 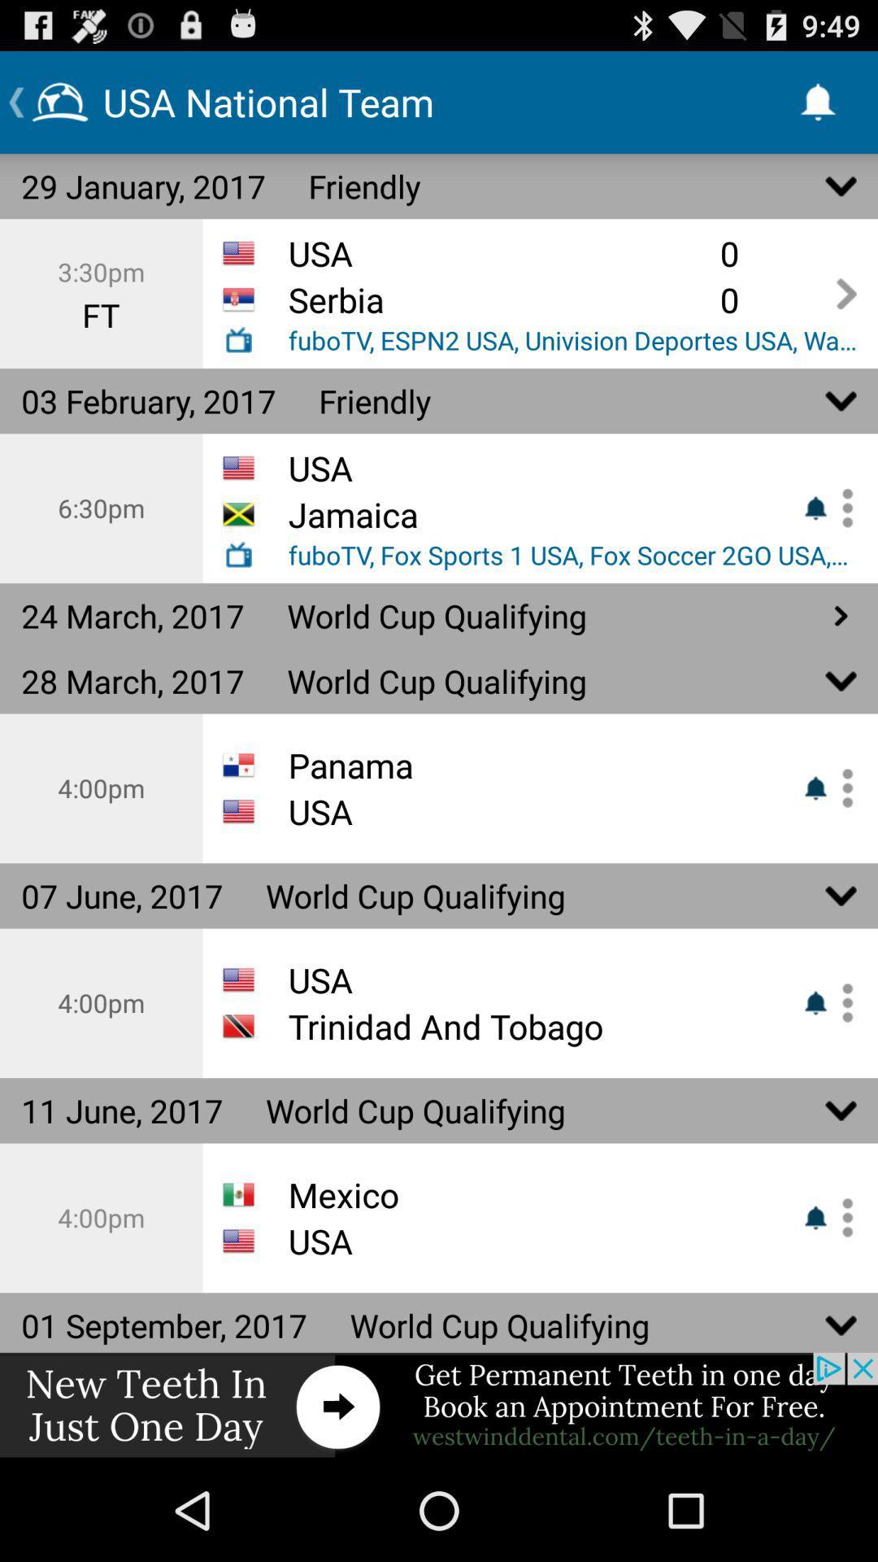 I want to click on enable or disable notifications, so click(x=841, y=1002).